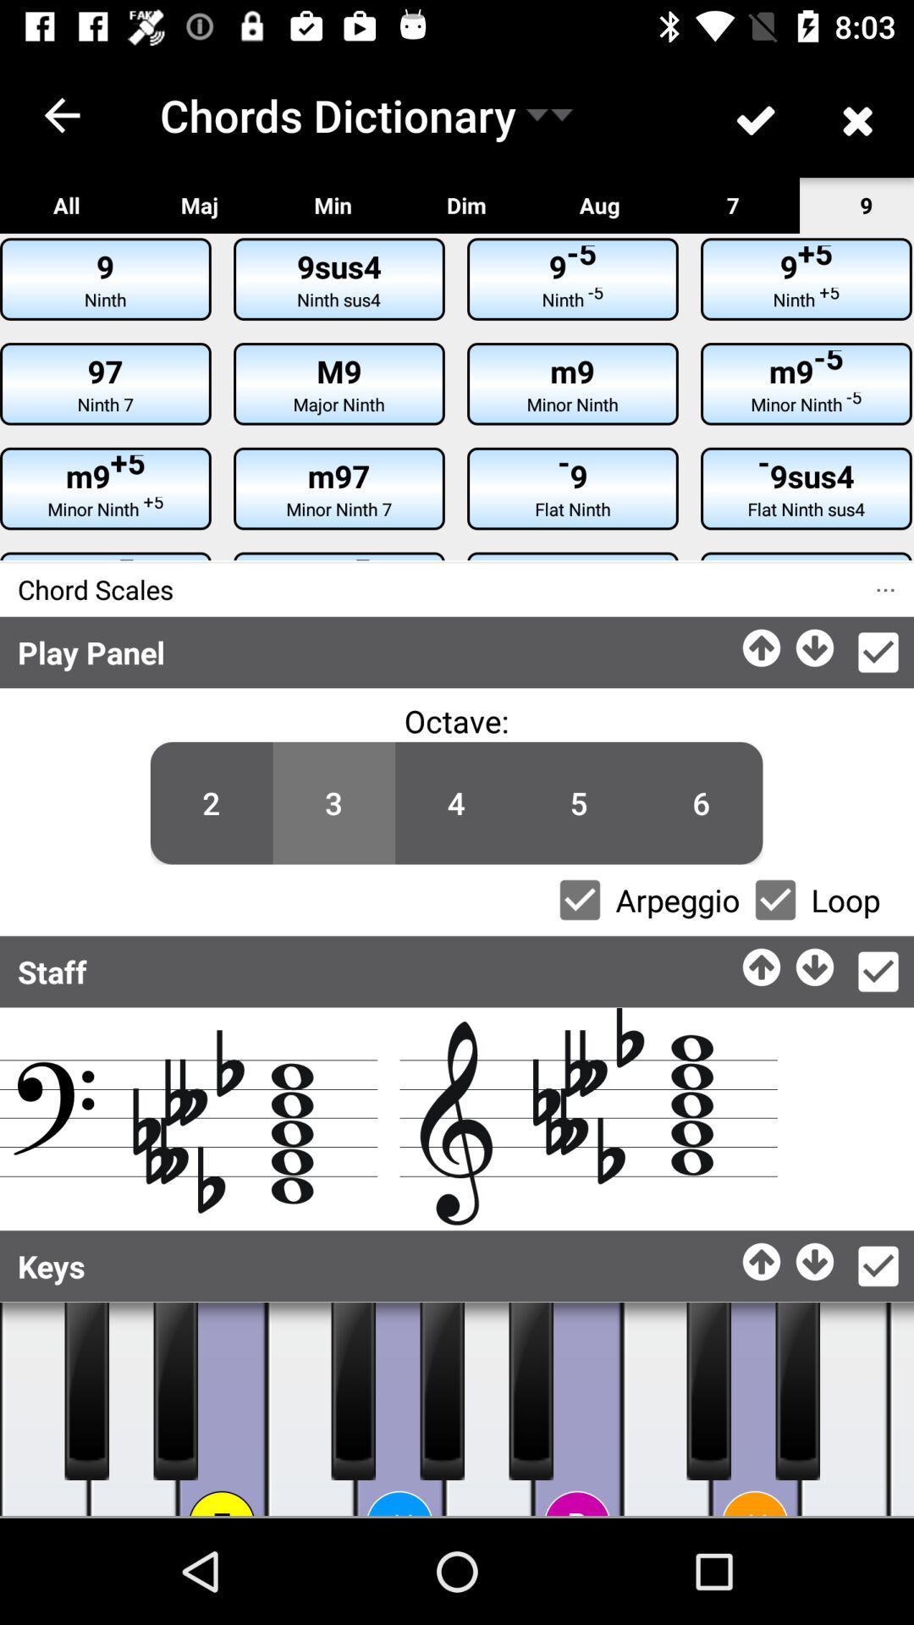  Describe the element at coordinates (763, 962) in the screenshot. I see `go up` at that location.